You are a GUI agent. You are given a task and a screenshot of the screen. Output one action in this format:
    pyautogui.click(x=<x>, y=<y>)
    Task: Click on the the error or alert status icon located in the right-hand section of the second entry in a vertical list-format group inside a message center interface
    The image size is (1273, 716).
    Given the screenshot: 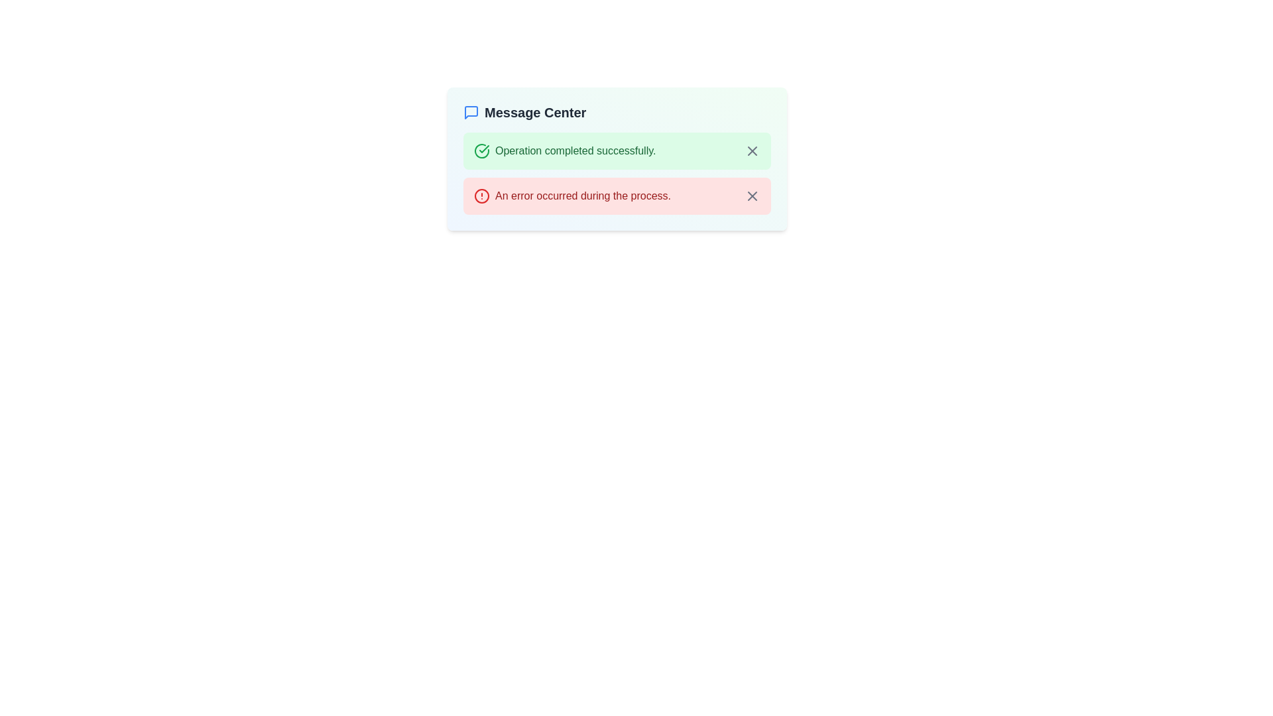 What is the action you would take?
    pyautogui.click(x=481, y=196)
    